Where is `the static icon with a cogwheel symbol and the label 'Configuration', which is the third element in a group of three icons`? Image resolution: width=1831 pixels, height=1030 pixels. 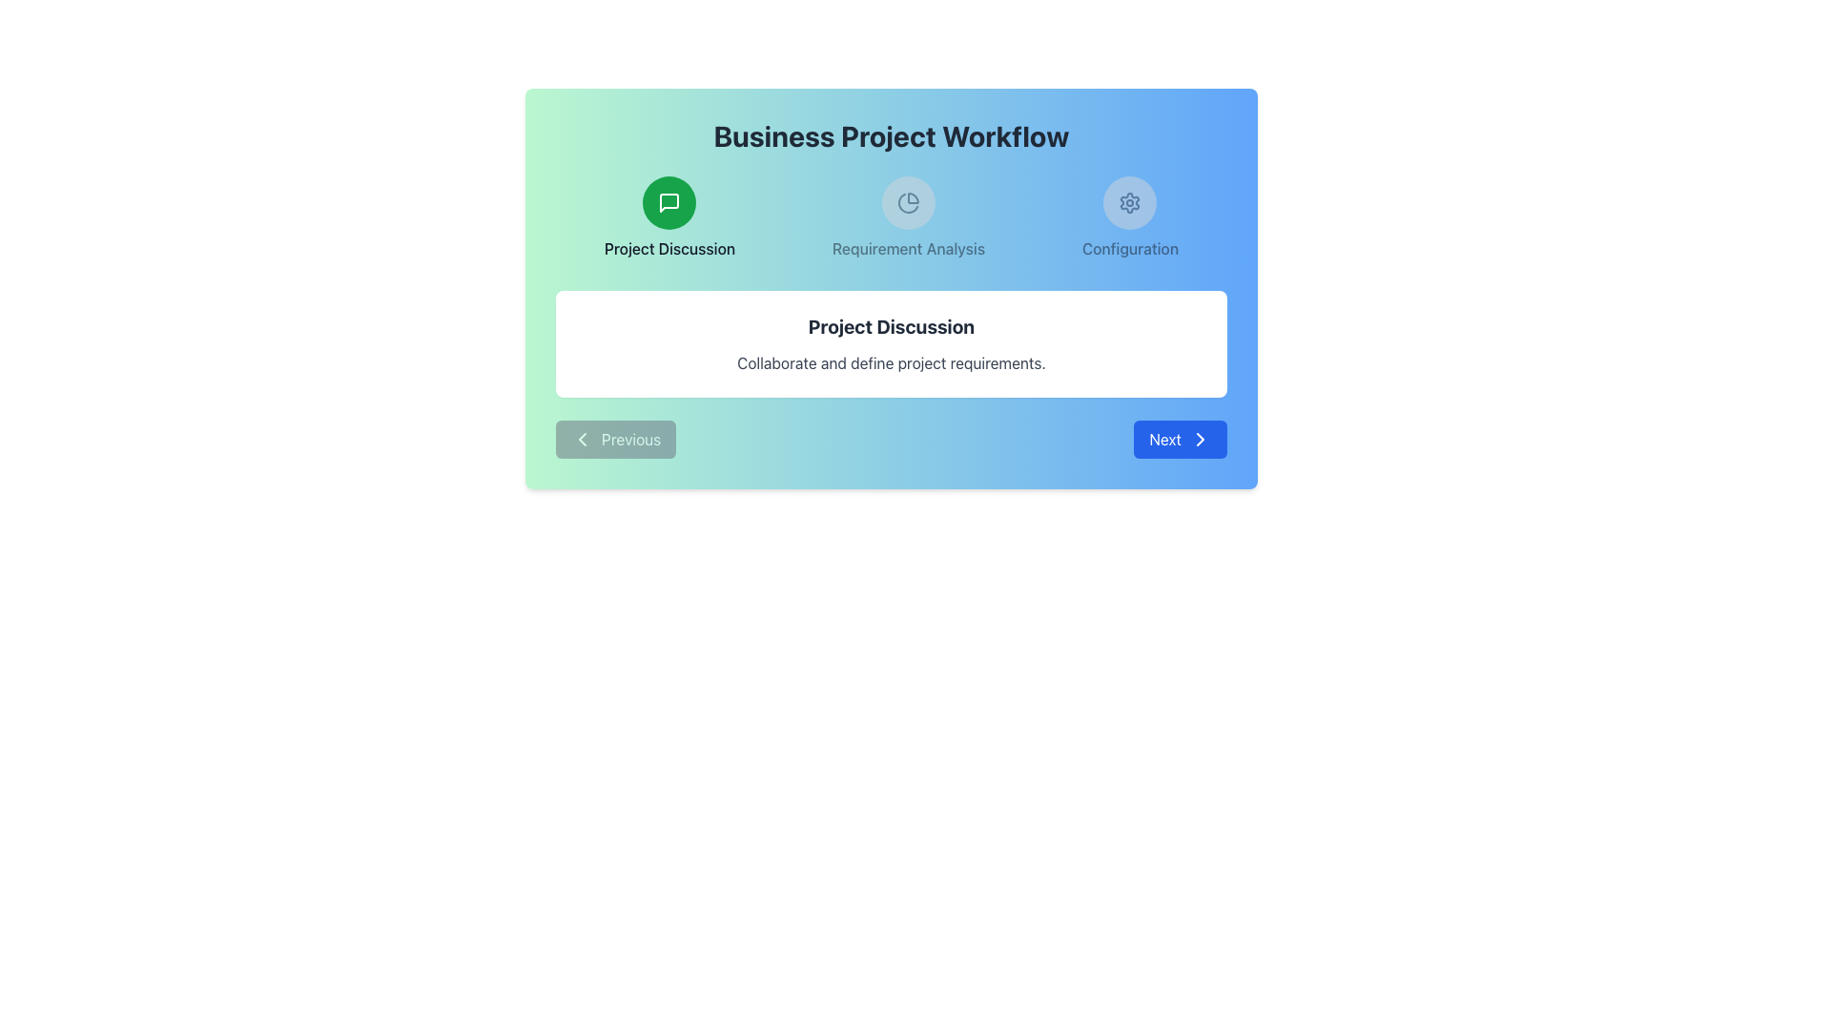
the static icon with a cogwheel symbol and the label 'Configuration', which is the third element in a group of three icons is located at coordinates (1130, 216).